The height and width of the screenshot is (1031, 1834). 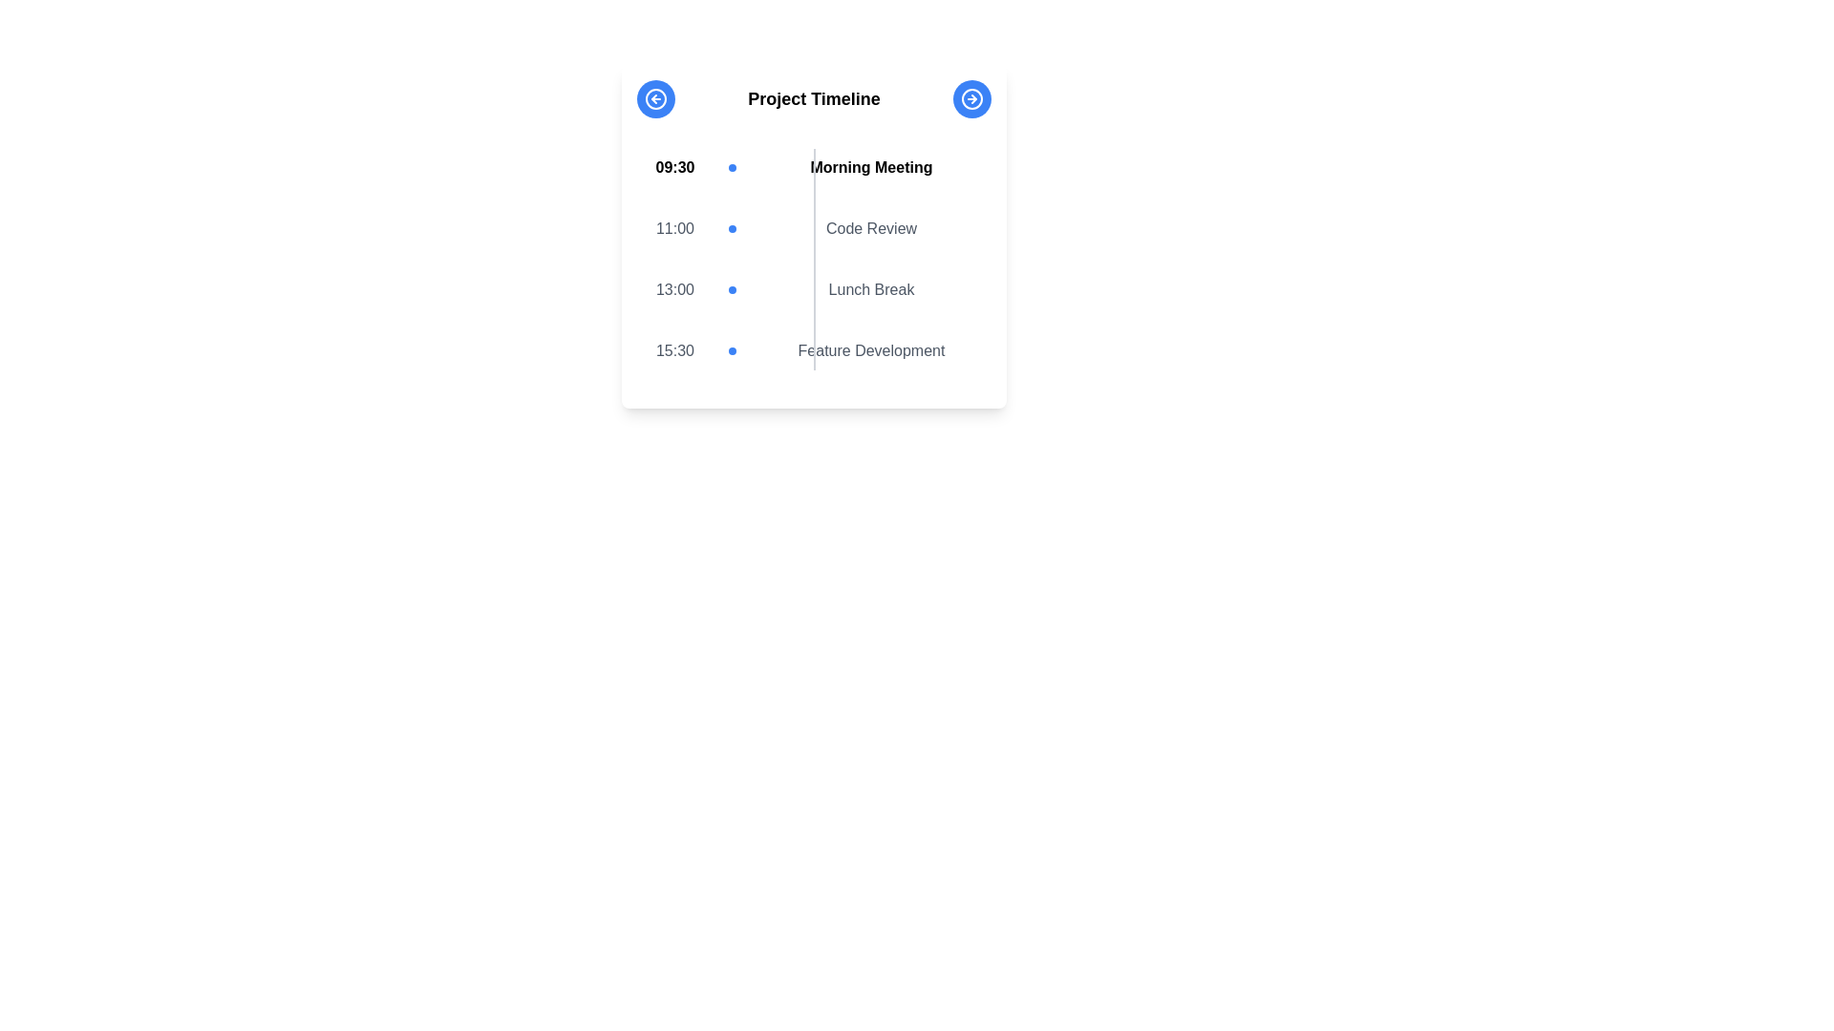 What do you see at coordinates (814, 167) in the screenshot?
I see `the first event in the timeline representing the 'Morning Meeting' scheduled at 09:30` at bounding box center [814, 167].